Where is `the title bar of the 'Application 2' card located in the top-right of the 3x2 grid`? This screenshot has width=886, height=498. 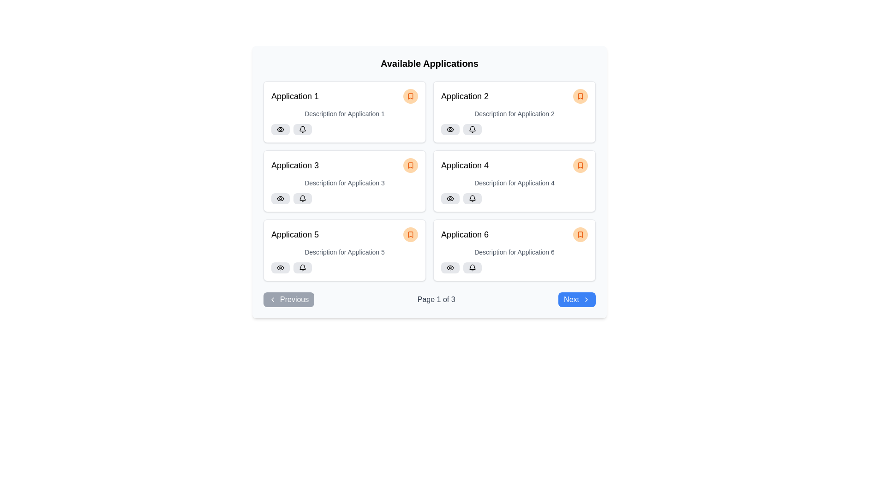
the title bar of the 'Application 2' card located in the top-right of the 3x2 grid is located at coordinates (514, 96).